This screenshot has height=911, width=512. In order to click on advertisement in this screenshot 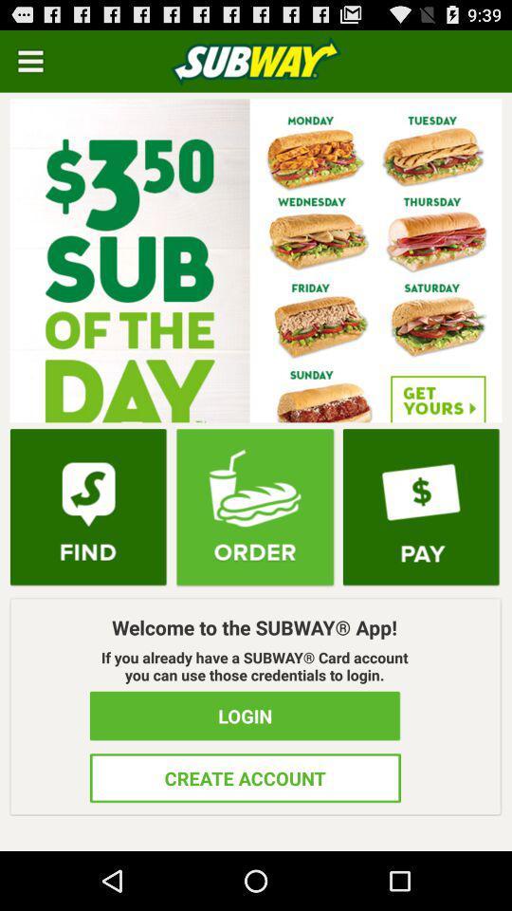, I will do `click(256, 259)`.